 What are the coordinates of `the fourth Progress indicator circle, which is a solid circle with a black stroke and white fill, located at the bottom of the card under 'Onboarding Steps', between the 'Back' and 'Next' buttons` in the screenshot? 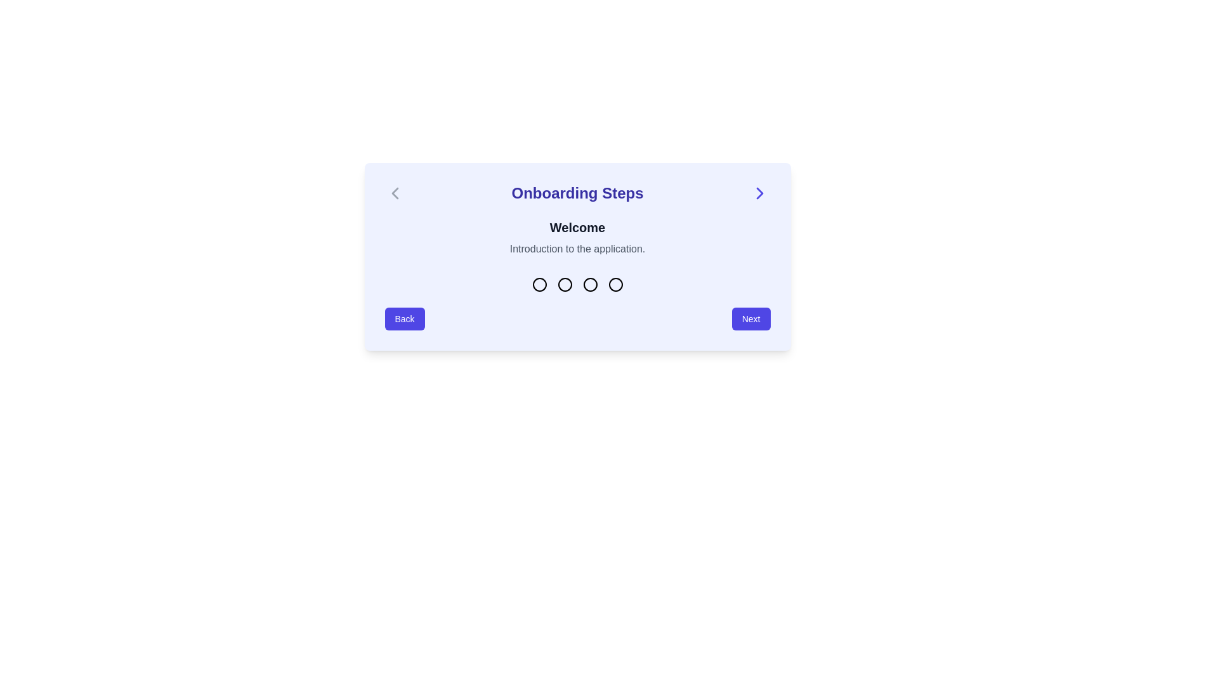 It's located at (615, 284).